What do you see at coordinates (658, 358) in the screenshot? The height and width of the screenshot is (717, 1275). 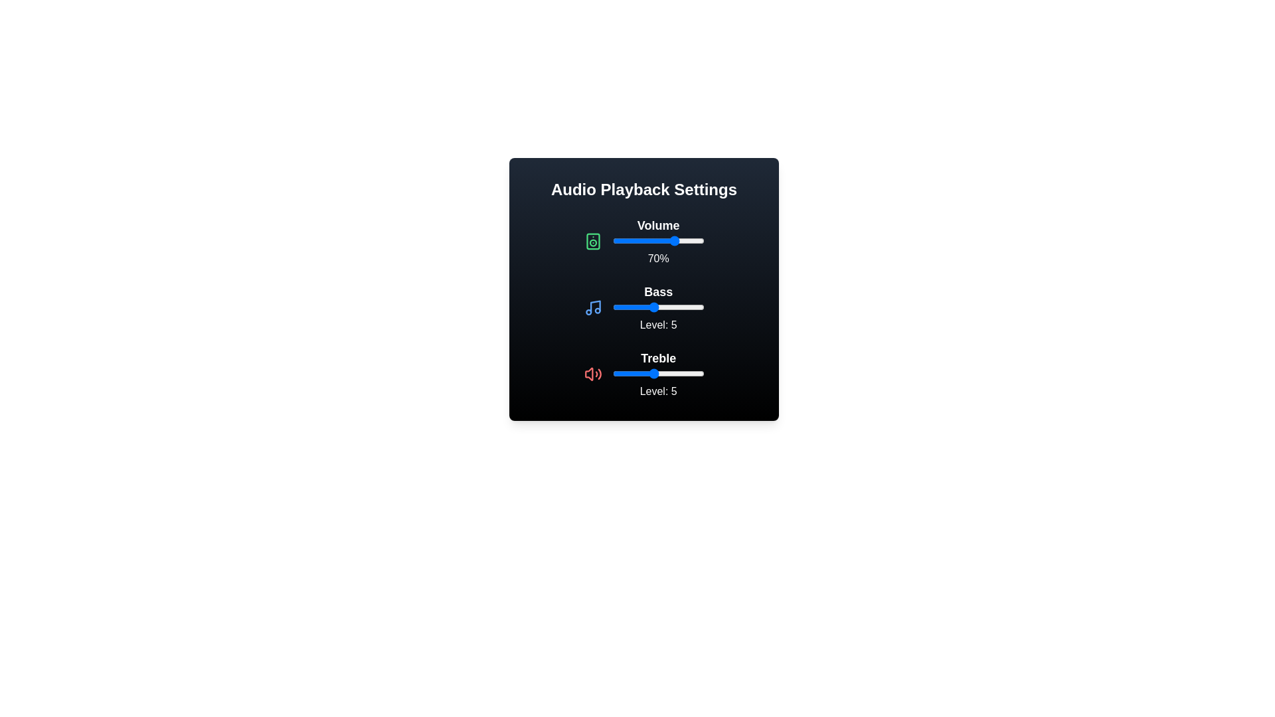 I see `the 'Treble' text label that identifies the treble adjustment controls in the audio settings` at bounding box center [658, 358].